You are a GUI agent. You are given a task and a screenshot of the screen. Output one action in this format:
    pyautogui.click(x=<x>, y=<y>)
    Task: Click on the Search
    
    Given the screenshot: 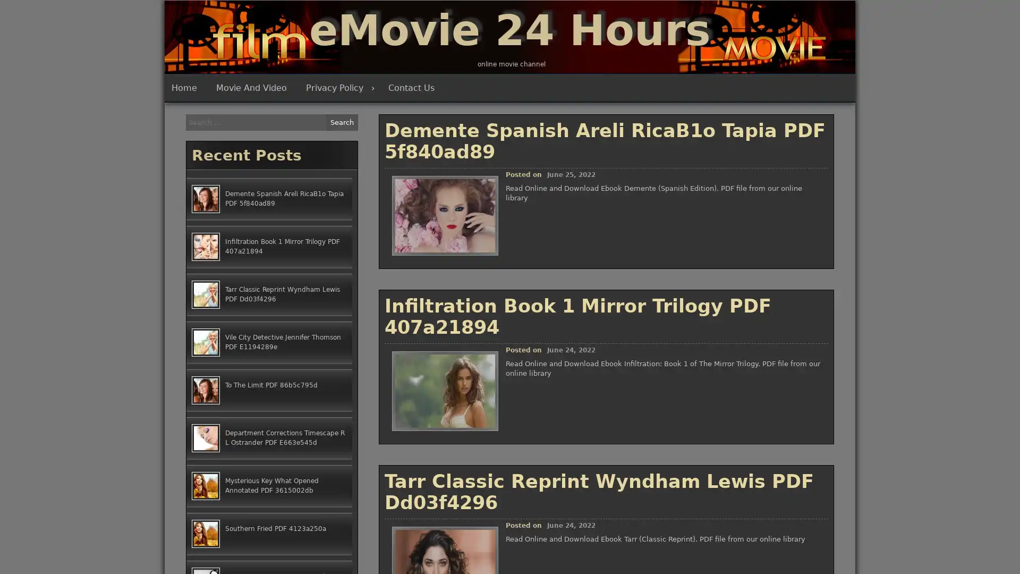 What is the action you would take?
    pyautogui.click(x=342, y=122)
    